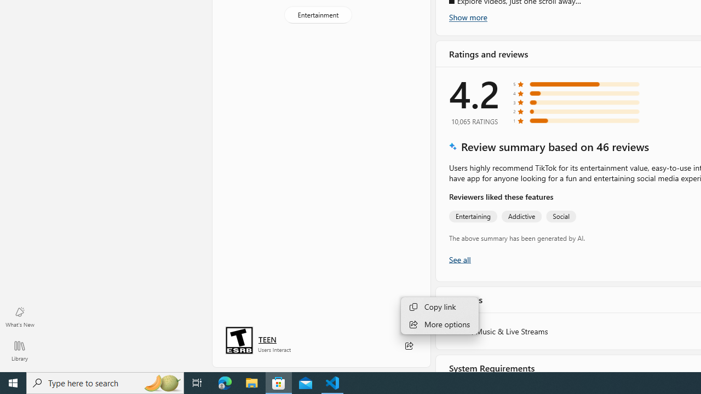 The image size is (701, 394). What do you see at coordinates (19, 350) in the screenshot?
I see `'Library'` at bounding box center [19, 350].